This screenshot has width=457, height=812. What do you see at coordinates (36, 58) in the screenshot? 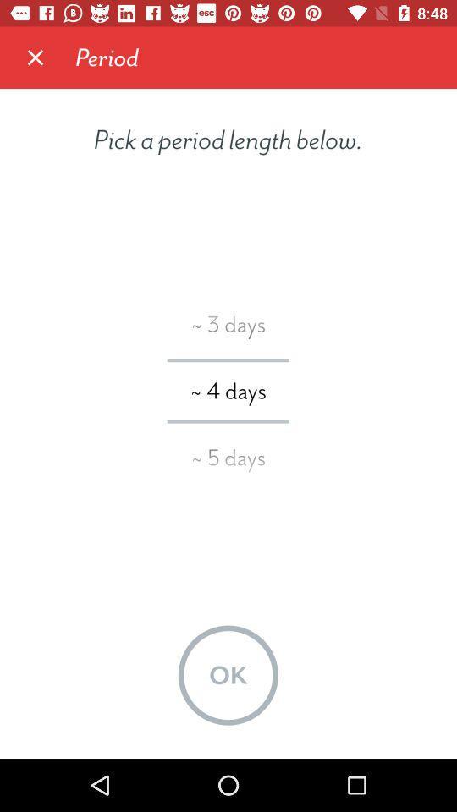
I see `close option` at bounding box center [36, 58].